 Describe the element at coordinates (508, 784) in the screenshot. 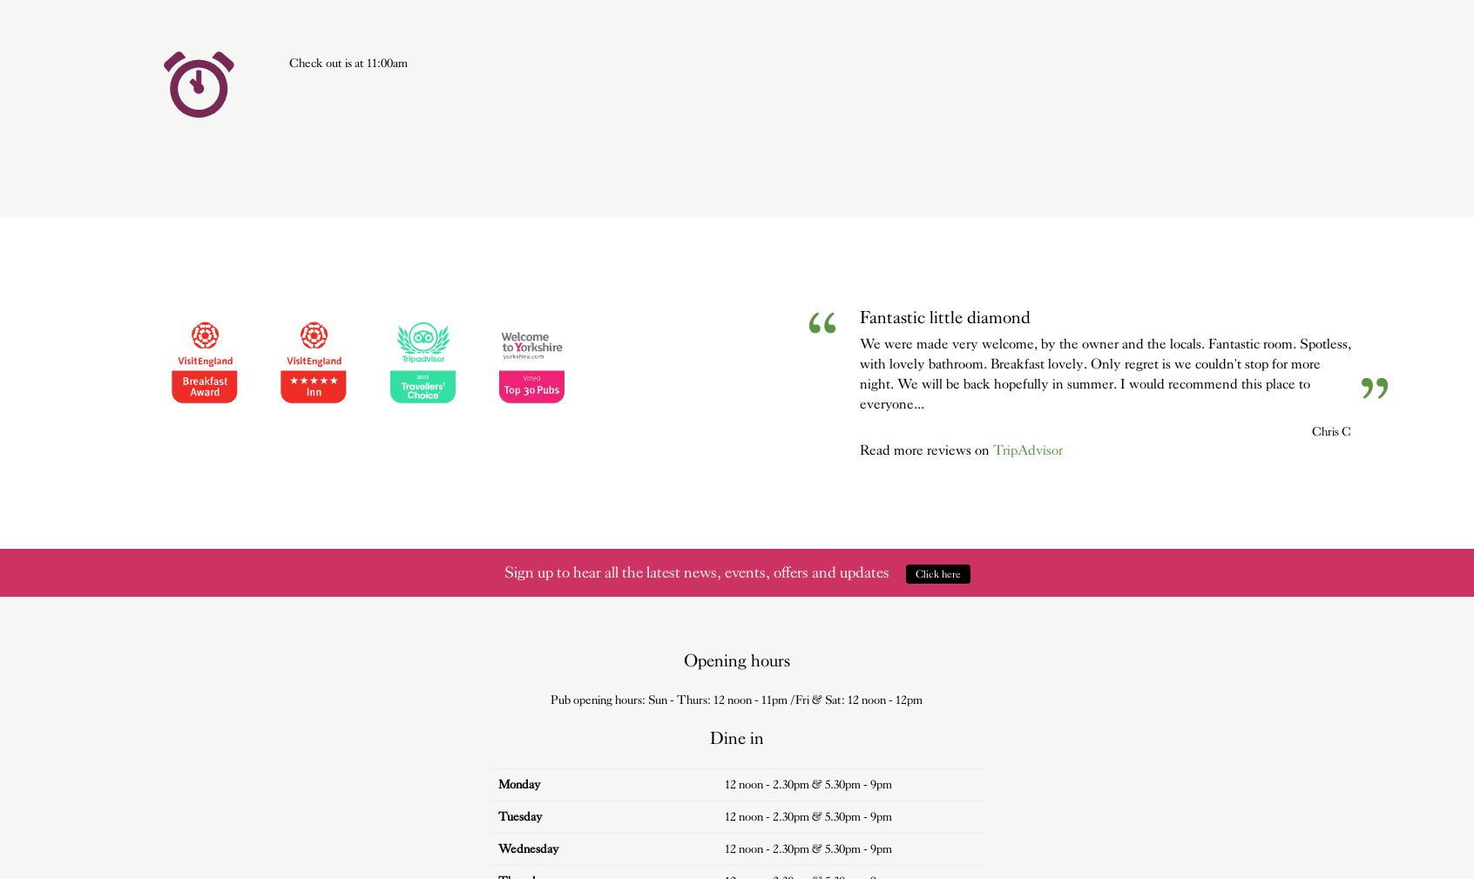

I see `'Mon'` at that location.